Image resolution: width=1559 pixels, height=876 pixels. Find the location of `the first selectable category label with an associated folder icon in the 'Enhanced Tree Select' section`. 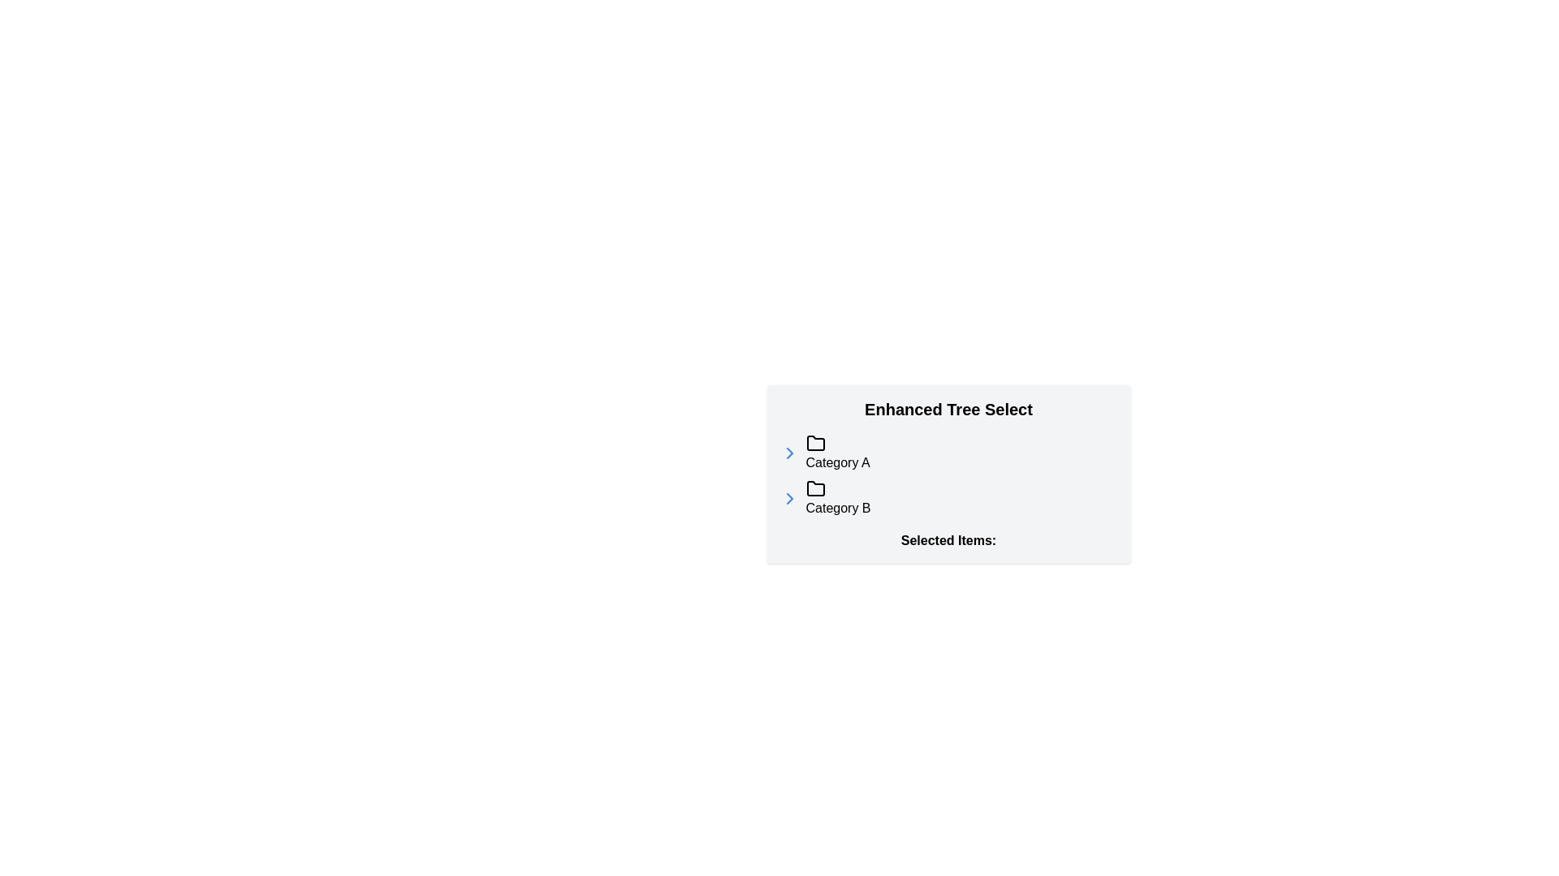

the first selectable category label with an associated folder icon in the 'Enhanced Tree Select' section is located at coordinates (838, 453).